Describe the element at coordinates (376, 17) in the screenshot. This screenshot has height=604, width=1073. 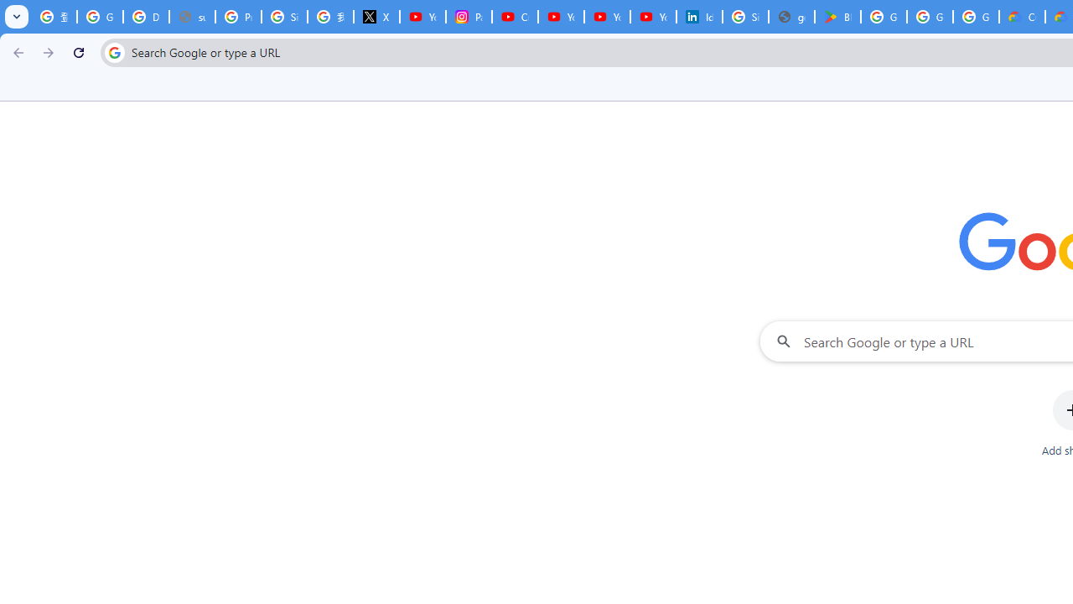
I see `'X'` at that location.